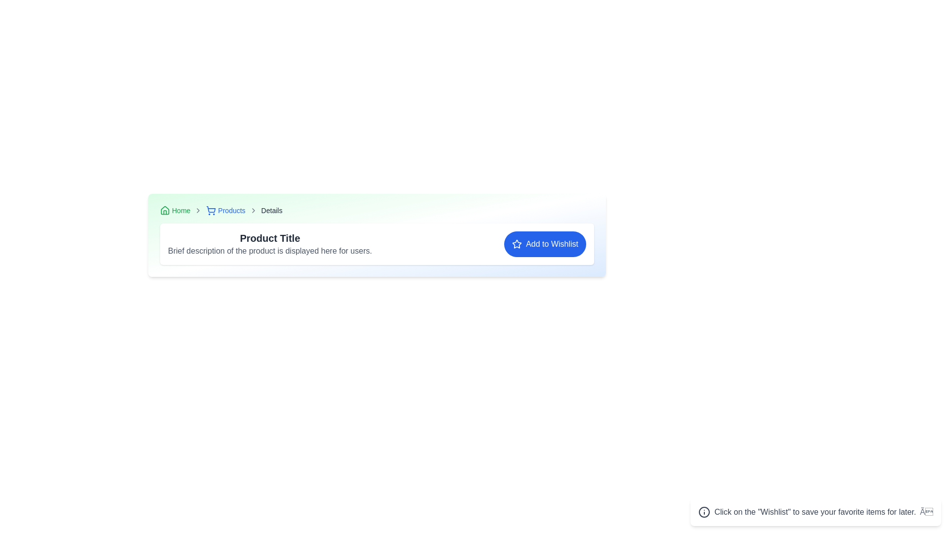 The image size is (949, 534). I want to click on the star icon with a blue outline located to the left of the 'Add to Wishlist' text in the button to initiate the 'add to wishlist' action, so click(517, 244).